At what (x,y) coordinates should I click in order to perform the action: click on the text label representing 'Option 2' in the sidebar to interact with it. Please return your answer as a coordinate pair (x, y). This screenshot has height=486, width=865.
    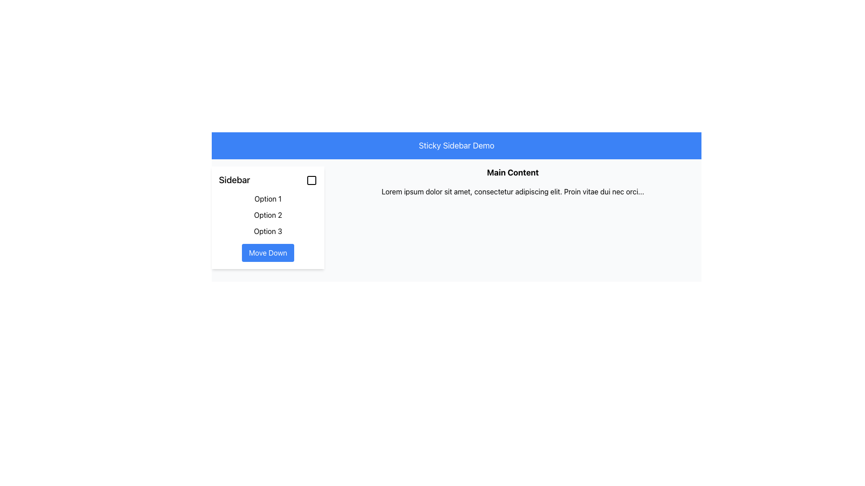
    Looking at the image, I should click on (268, 215).